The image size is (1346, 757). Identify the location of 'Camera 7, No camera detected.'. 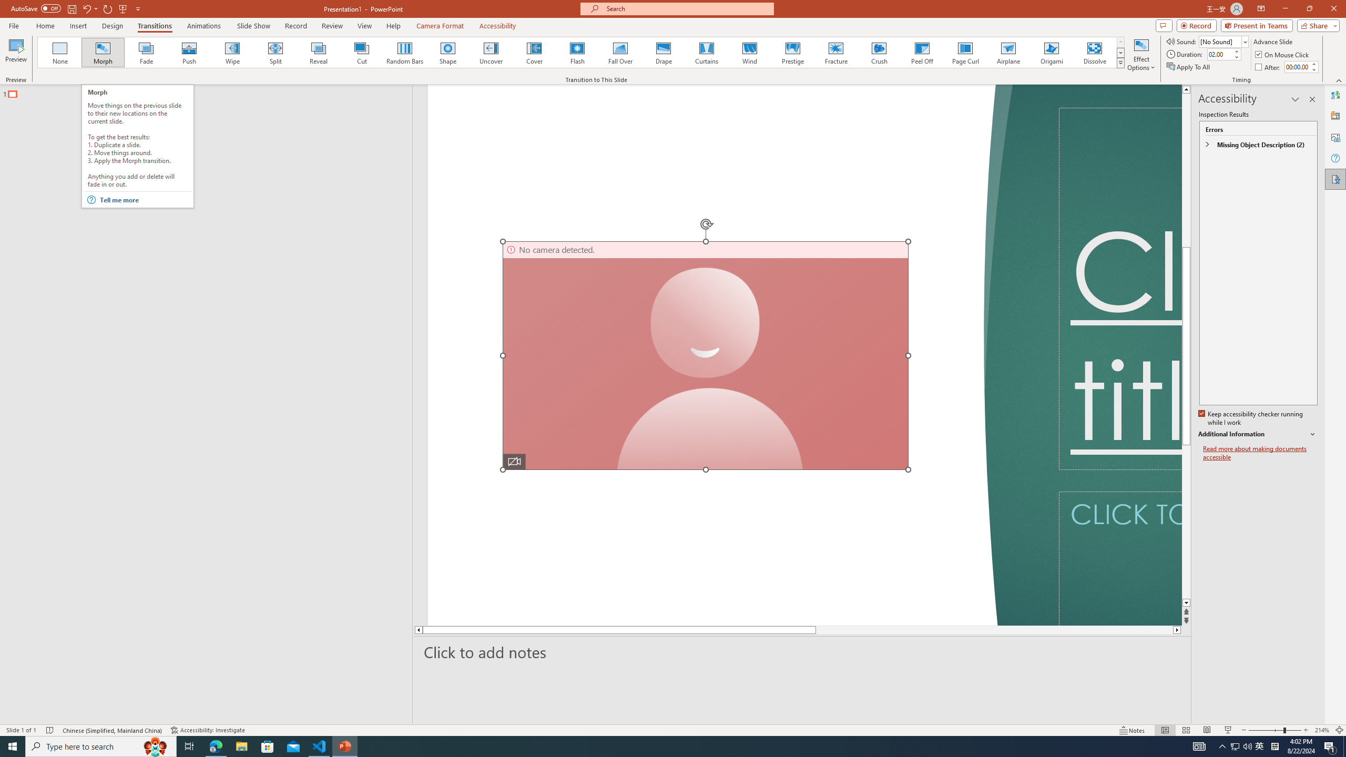
(705, 355).